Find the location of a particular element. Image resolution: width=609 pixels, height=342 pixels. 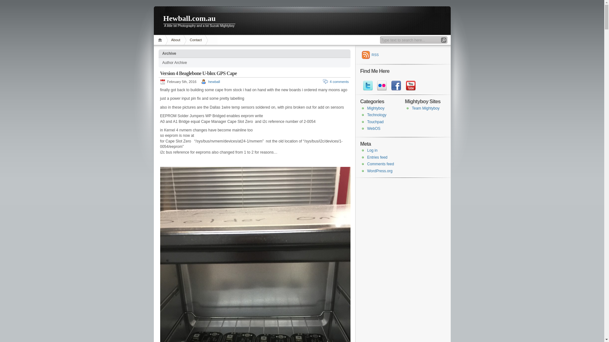

'WordPress.org' is located at coordinates (380, 171).